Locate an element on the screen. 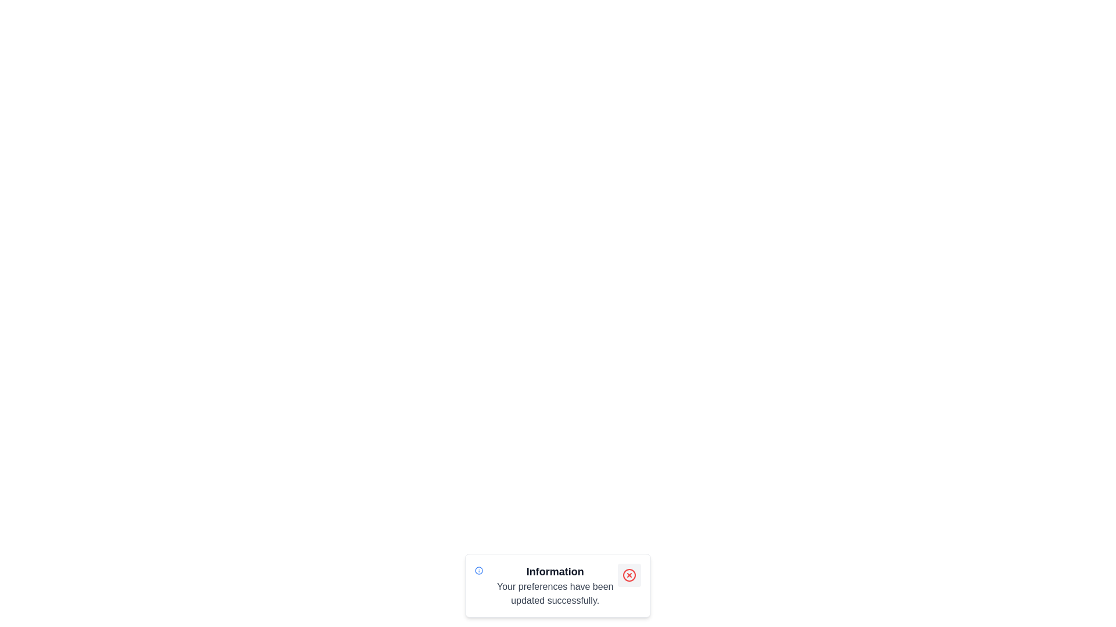 This screenshot has width=1116, height=627. the close button to trigger visual feedback is located at coordinates (629, 575).